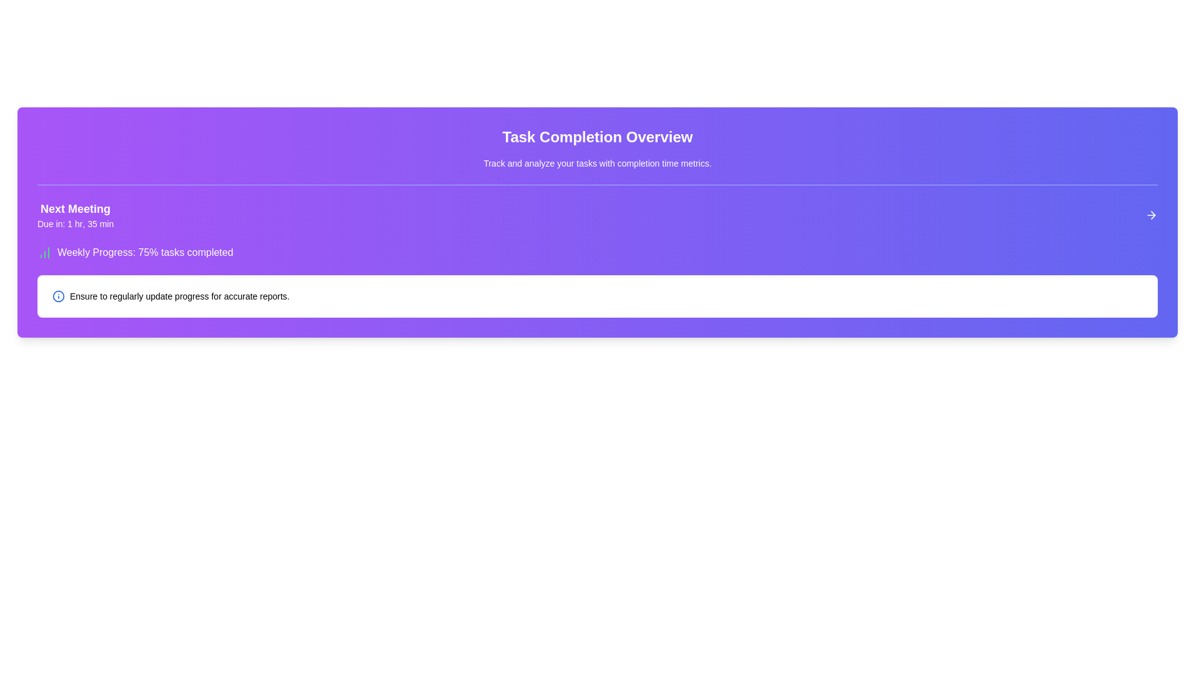 This screenshot has height=674, width=1199. What do you see at coordinates (45, 253) in the screenshot?
I see `the progress icon located at the leftmost side of the horizontal layout next to the text 'Weekly Progress: 75% tasks completed'` at bounding box center [45, 253].